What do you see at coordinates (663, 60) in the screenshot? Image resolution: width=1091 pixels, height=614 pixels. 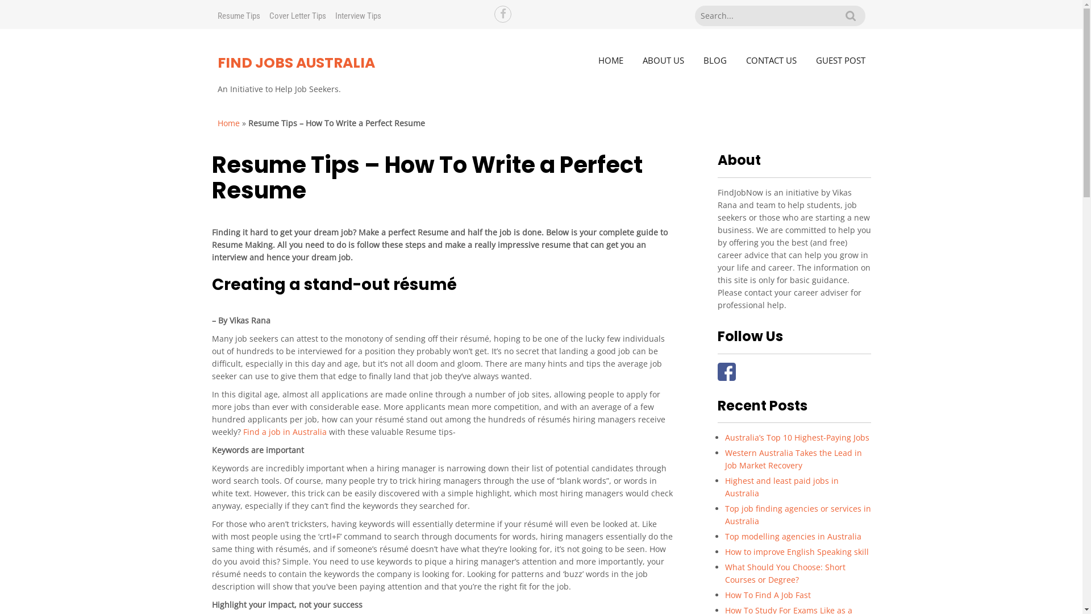 I see `'ABOUT US'` at bounding box center [663, 60].